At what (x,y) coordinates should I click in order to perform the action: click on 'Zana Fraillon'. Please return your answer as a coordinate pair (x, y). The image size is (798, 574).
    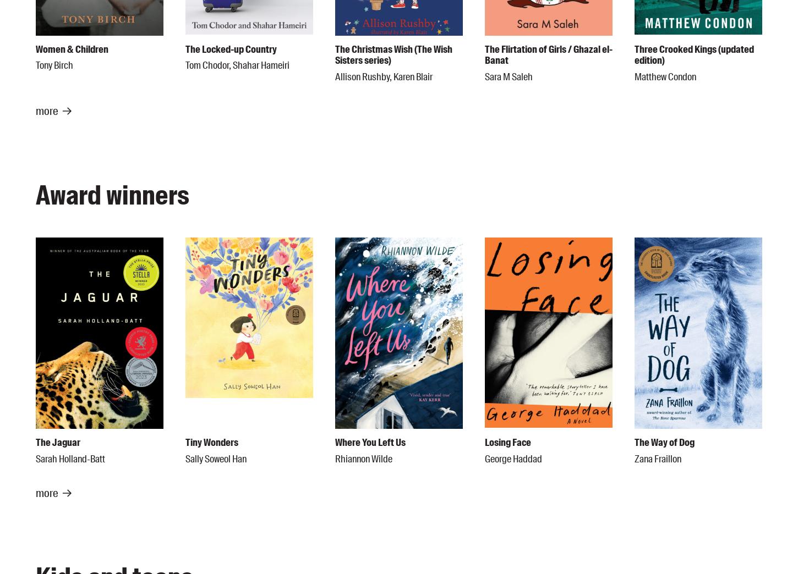
    Looking at the image, I should click on (657, 458).